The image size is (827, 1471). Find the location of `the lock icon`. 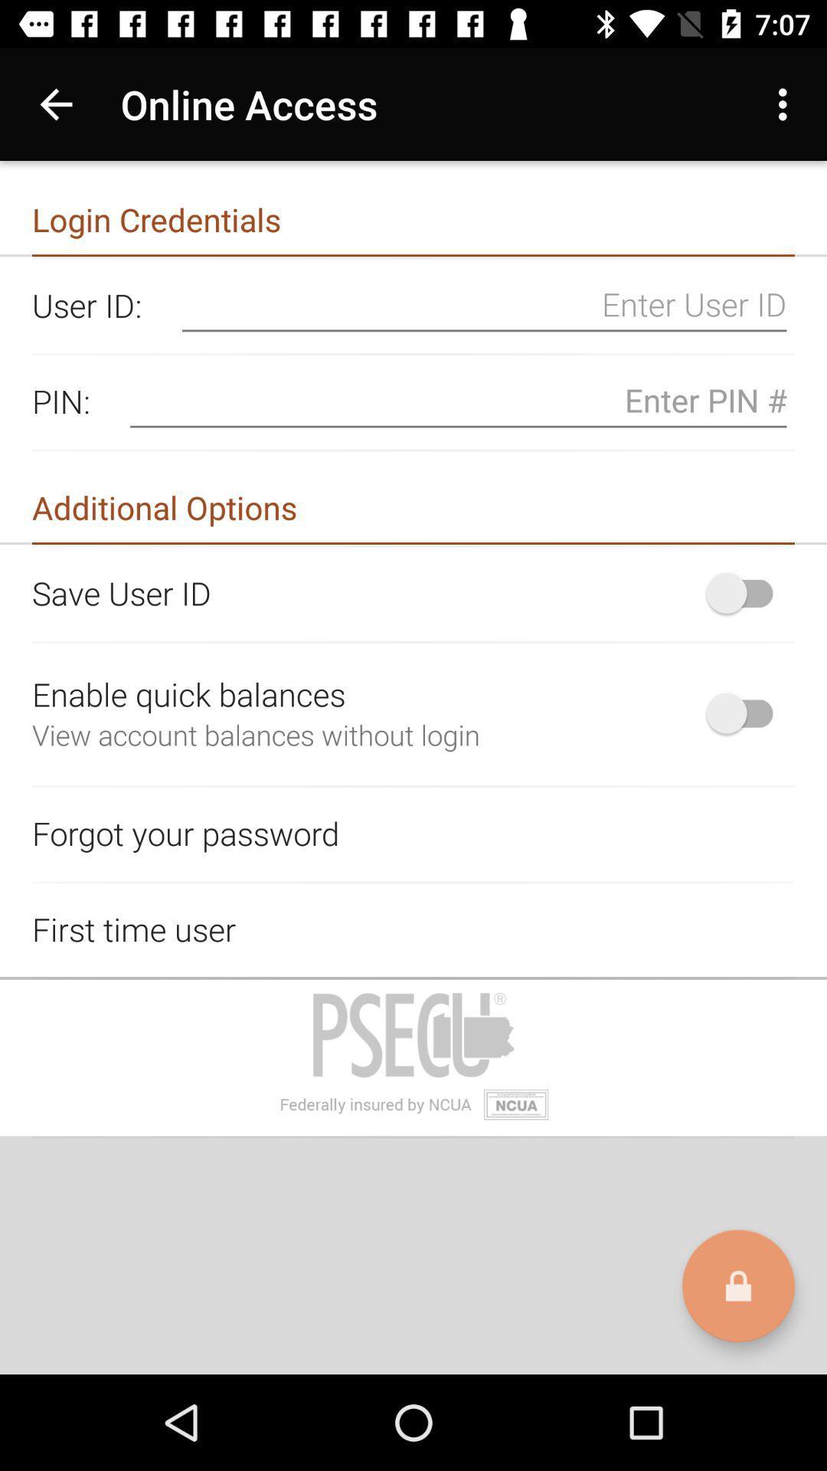

the lock icon is located at coordinates (737, 1286).